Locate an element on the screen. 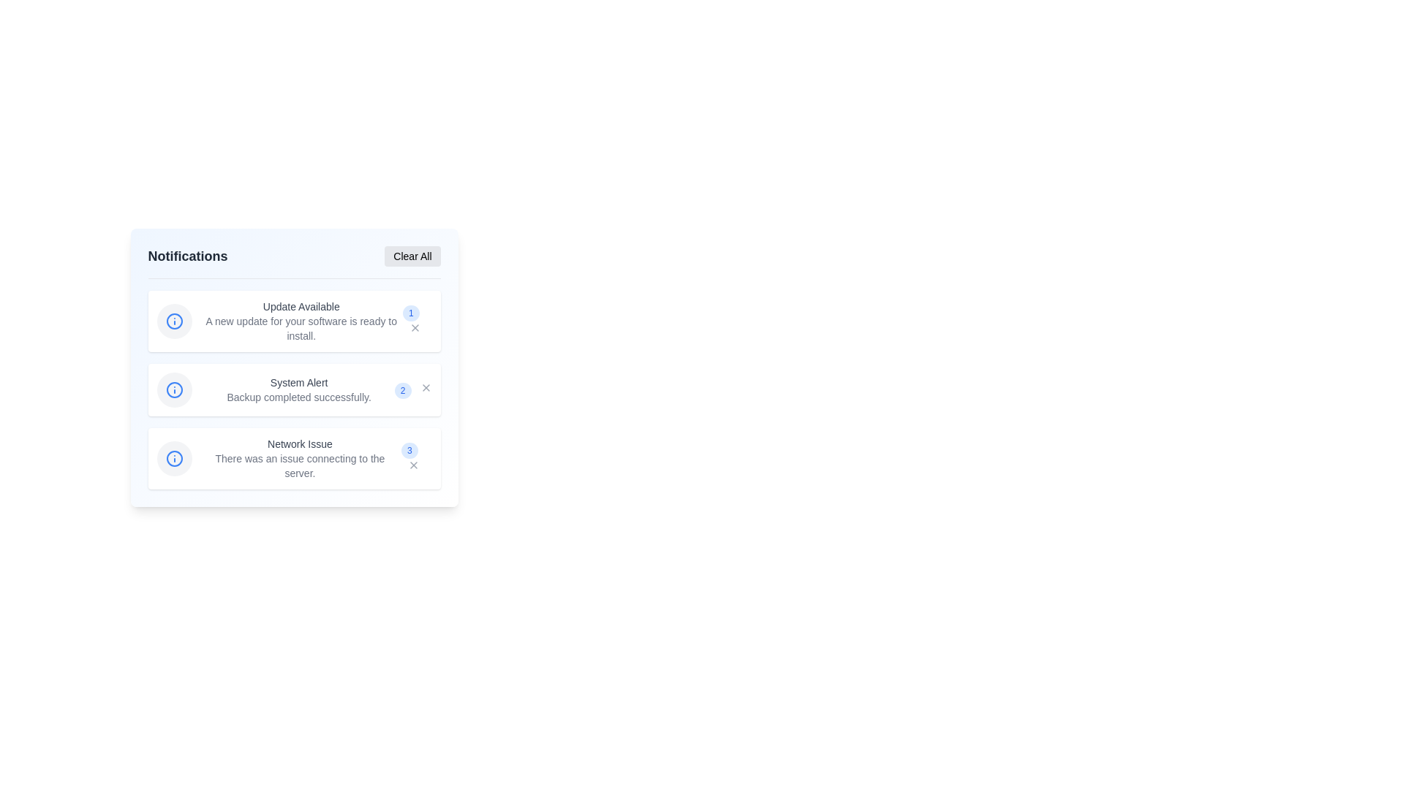 This screenshot has width=1404, height=789. text content of the notification displaying 'System Alert' above 'Backup completed successfully.' is located at coordinates (298, 389).